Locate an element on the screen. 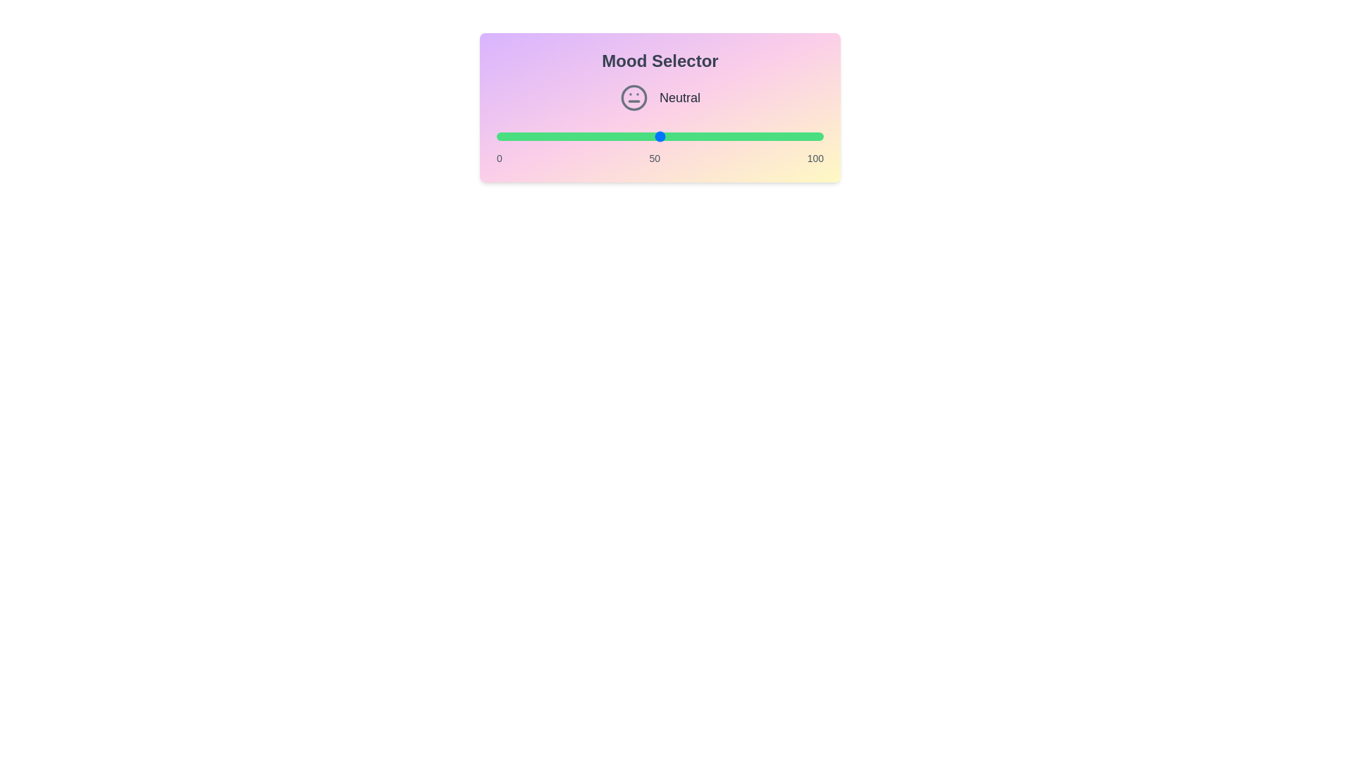  the mood value to 13 by adjusting the slider is located at coordinates (538, 136).